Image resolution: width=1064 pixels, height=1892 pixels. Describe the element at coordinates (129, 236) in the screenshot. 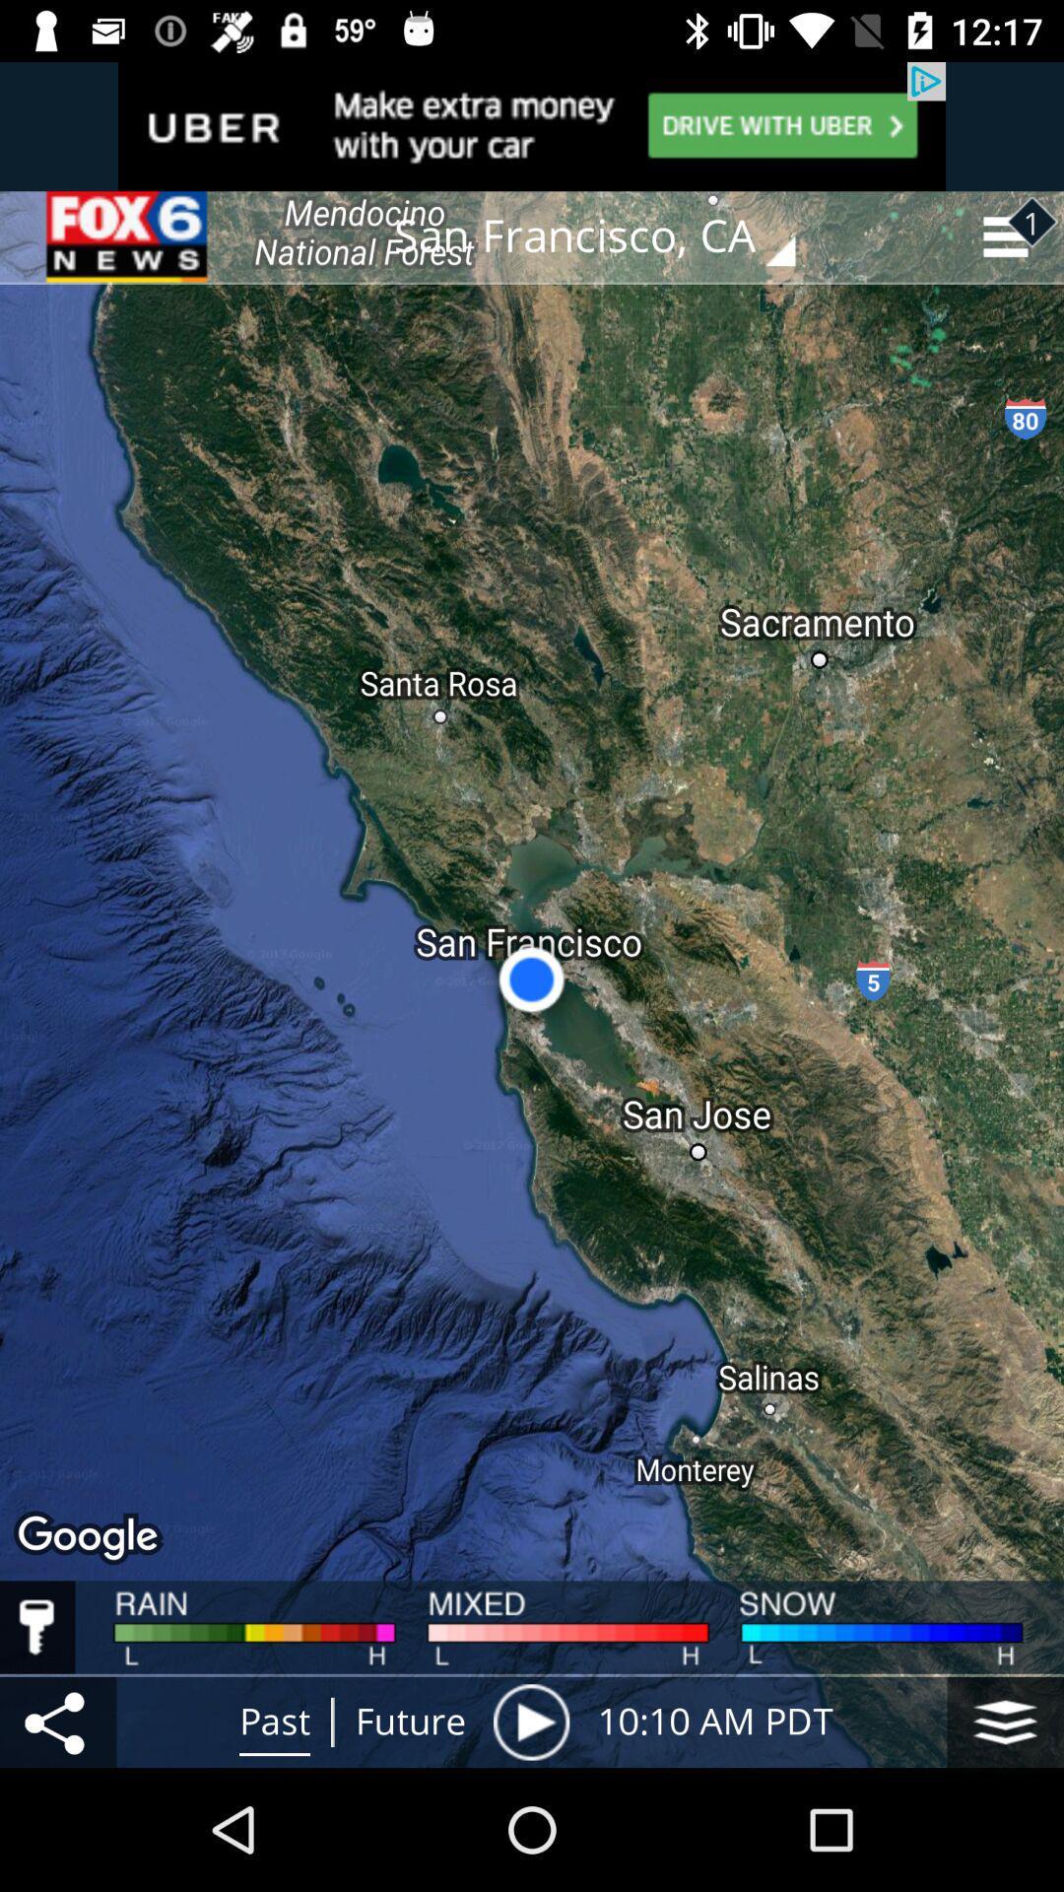

I see `icon at the top left corner` at that location.